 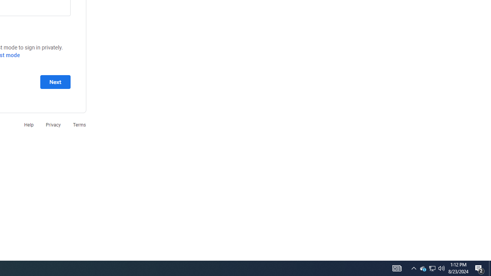 What do you see at coordinates (397, 268) in the screenshot?
I see `'AutomationID: 4105'` at bounding box center [397, 268].